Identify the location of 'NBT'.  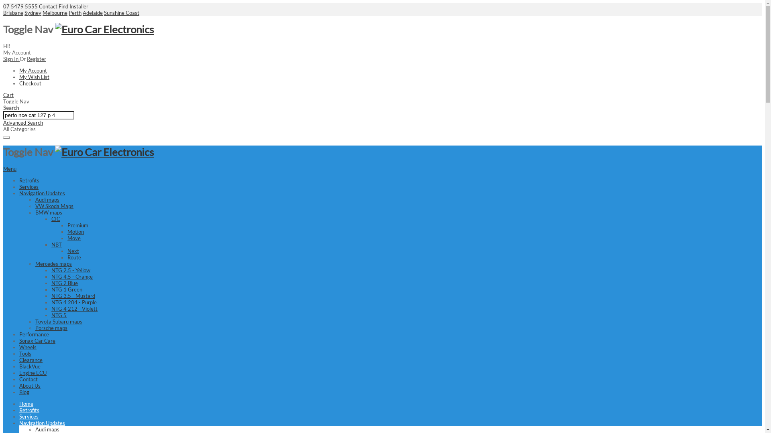
(56, 244).